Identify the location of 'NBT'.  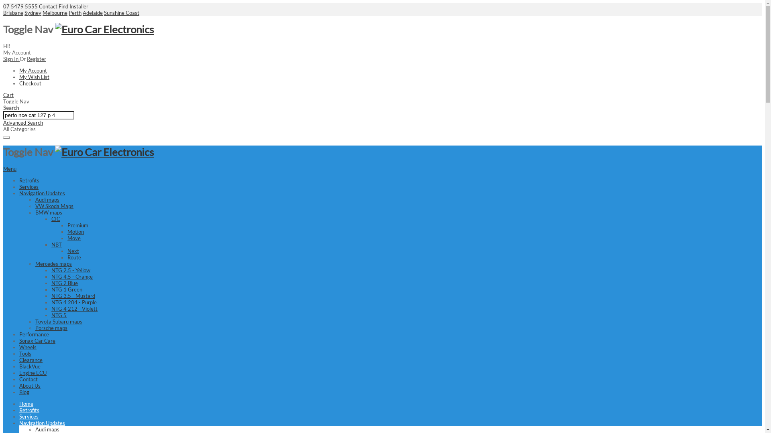
(56, 244).